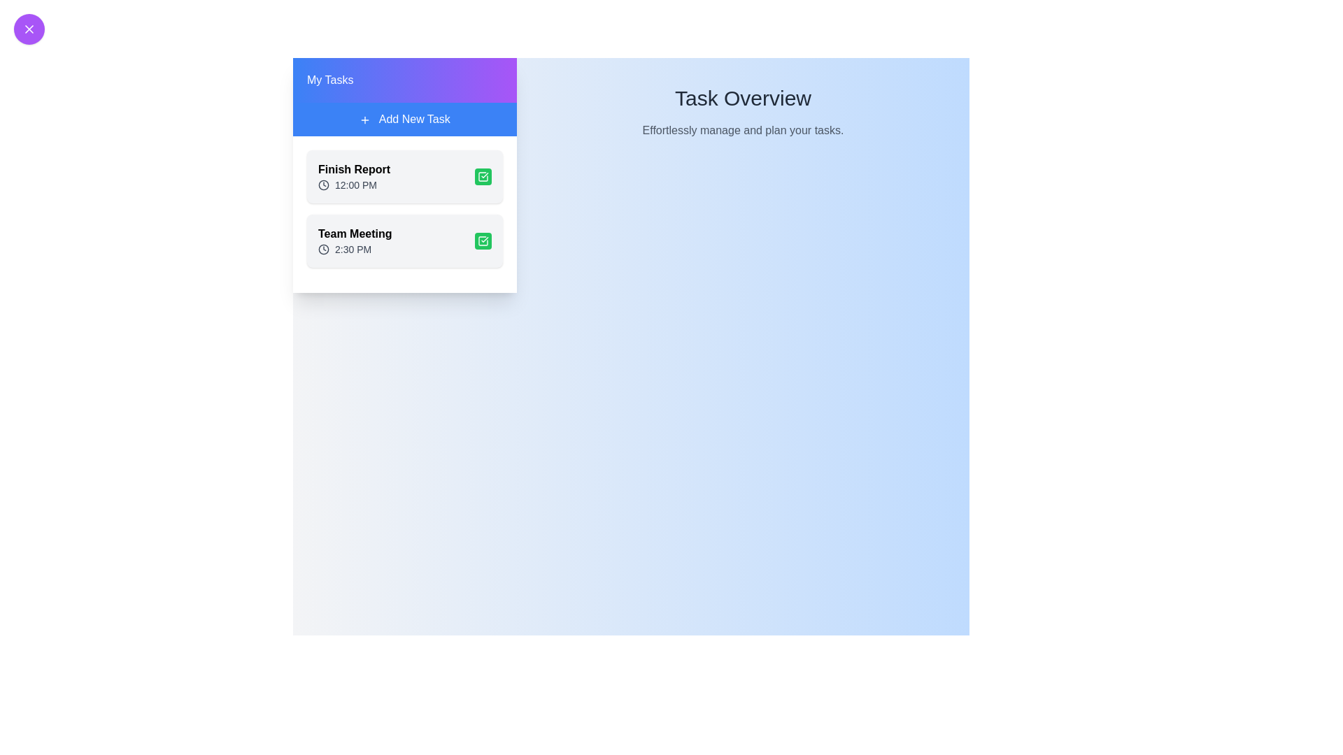 The height and width of the screenshot is (755, 1343). What do you see at coordinates (404, 118) in the screenshot?
I see `the 'Add New Task' button to initiate the task addition process` at bounding box center [404, 118].